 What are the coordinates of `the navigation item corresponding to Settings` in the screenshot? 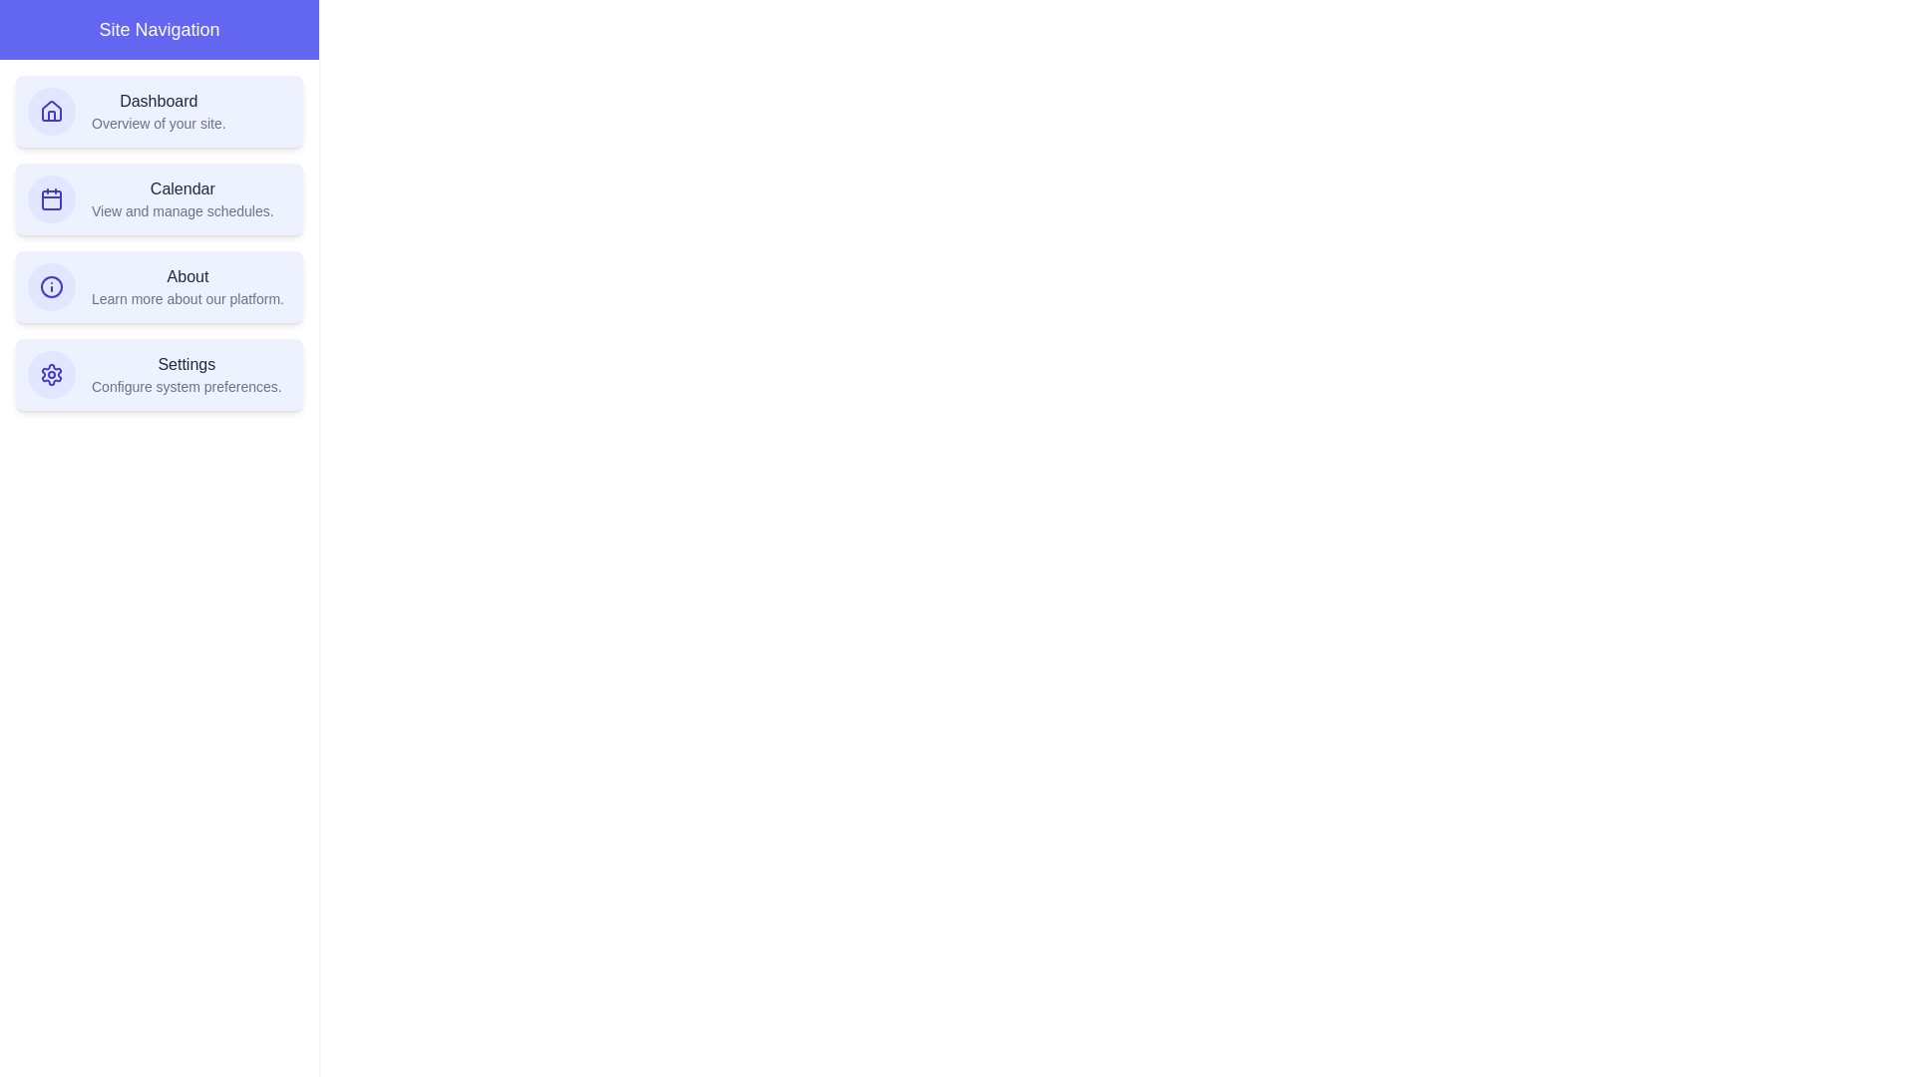 It's located at (158, 374).